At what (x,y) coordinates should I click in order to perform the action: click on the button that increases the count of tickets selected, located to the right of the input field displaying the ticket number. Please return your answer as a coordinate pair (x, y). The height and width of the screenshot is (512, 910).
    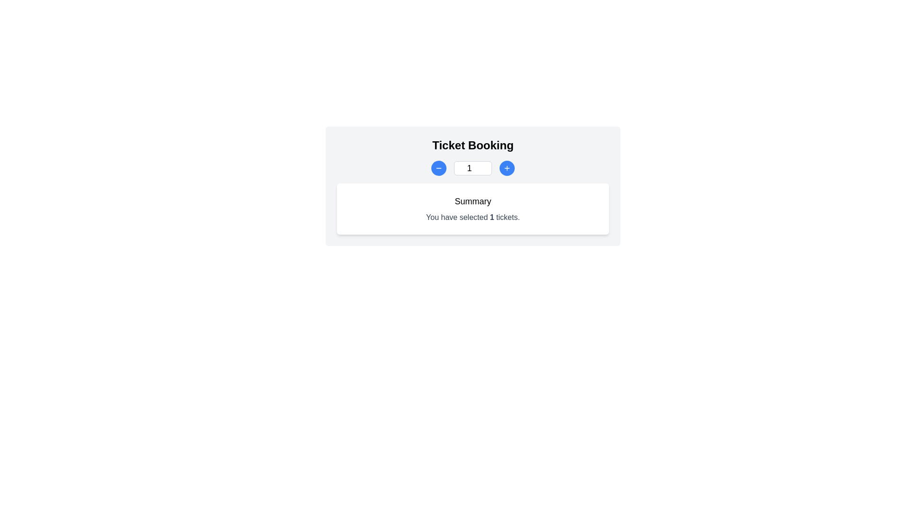
    Looking at the image, I should click on (507, 167).